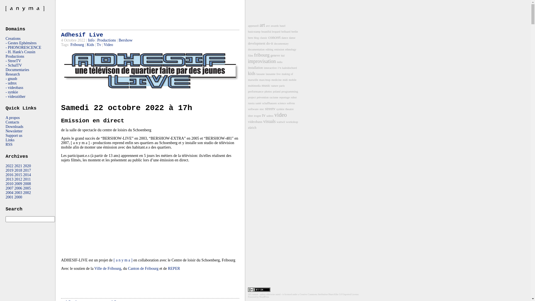 This screenshot has width=535, height=301. Describe the element at coordinates (9, 166) in the screenshot. I see `'2022'` at that location.